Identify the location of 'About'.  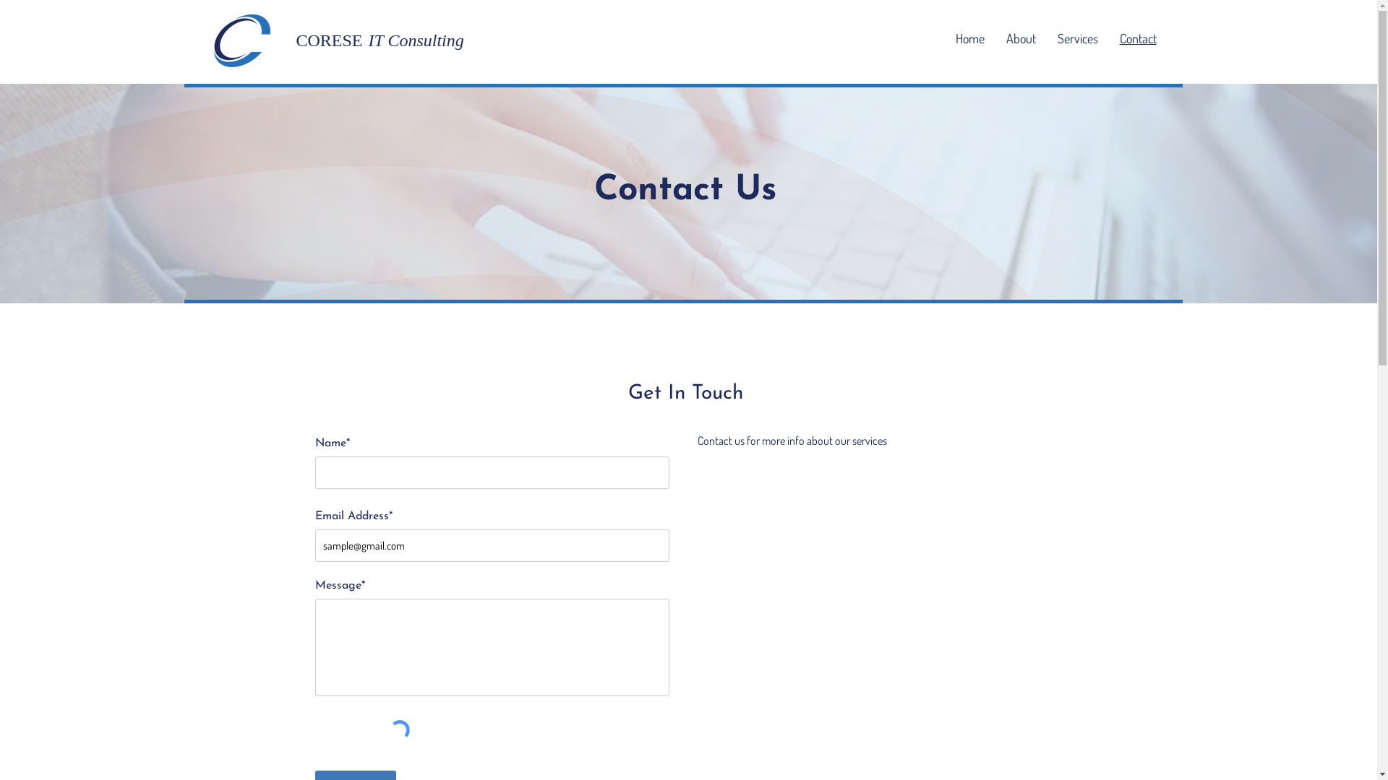
(1019, 38).